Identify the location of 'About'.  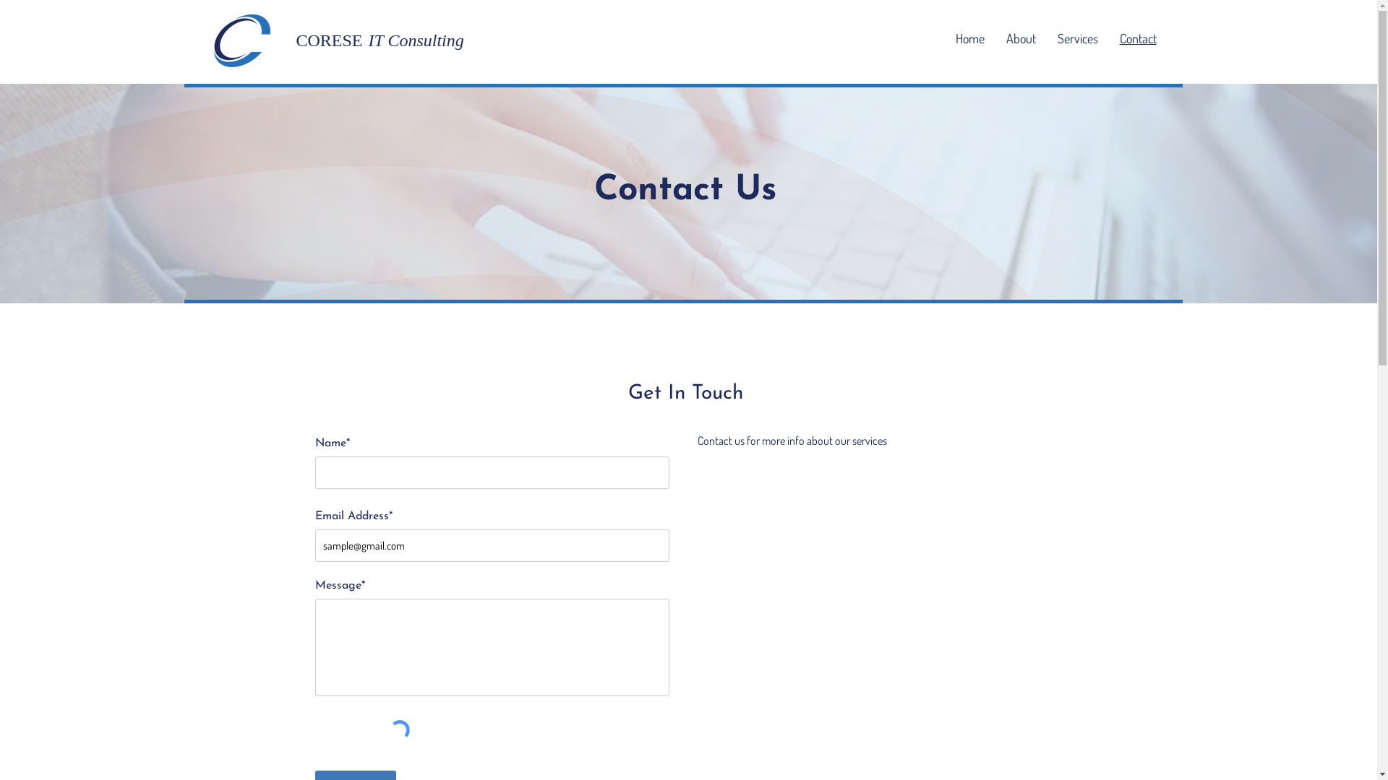
(1019, 38).